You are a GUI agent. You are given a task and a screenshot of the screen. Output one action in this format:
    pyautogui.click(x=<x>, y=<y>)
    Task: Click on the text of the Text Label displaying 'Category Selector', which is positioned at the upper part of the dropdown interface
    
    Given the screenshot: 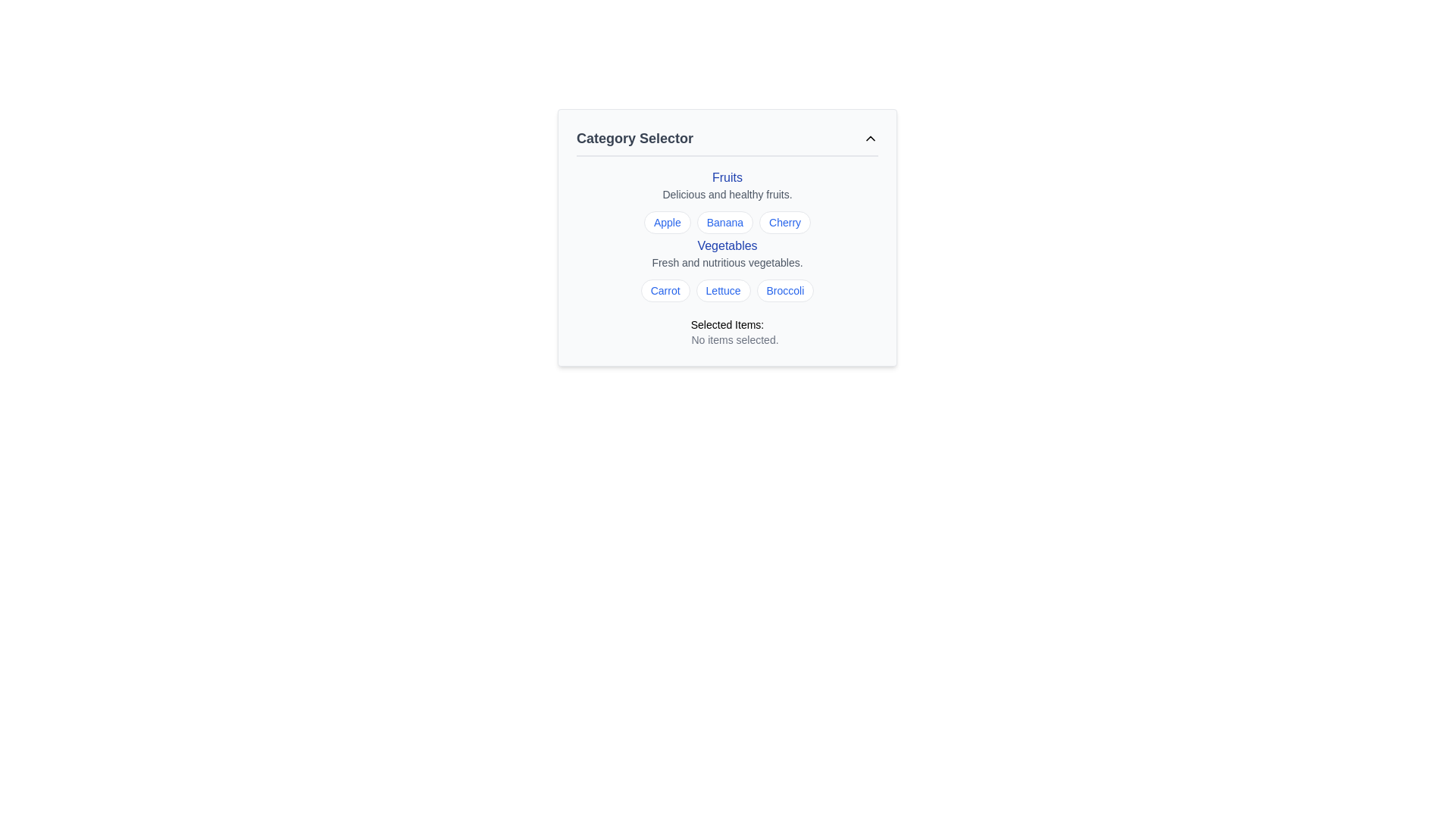 What is the action you would take?
    pyautogui.click(x=635, y=138)
    